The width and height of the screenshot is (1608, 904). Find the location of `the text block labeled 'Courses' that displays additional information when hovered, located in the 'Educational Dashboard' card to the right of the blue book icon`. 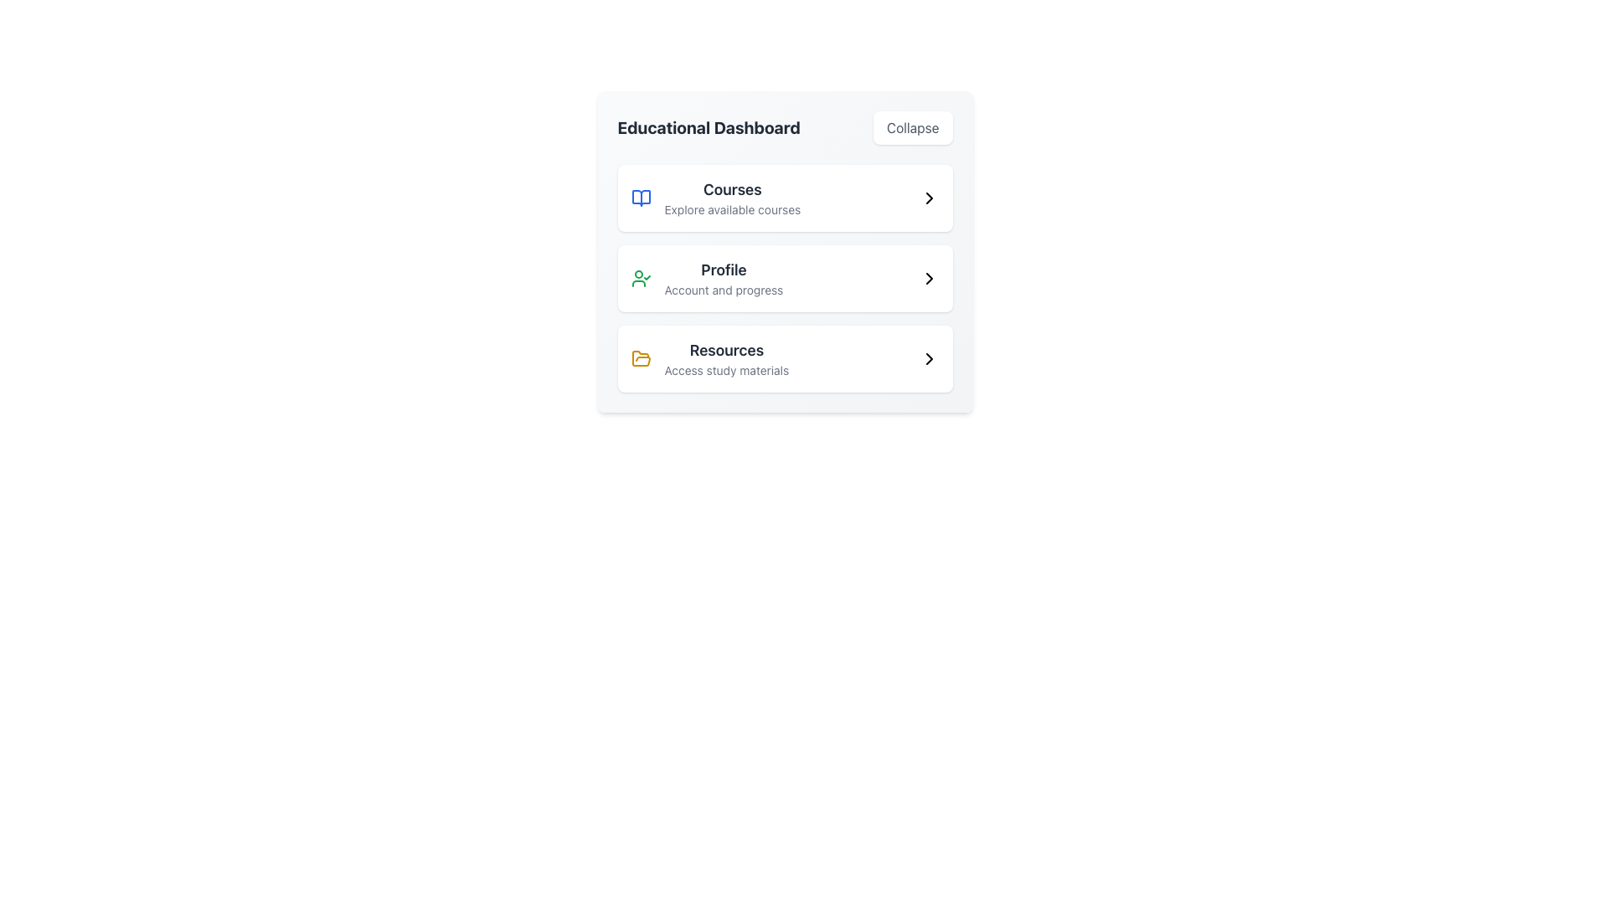

the text block labeled 'Courses' that displays additional information when hovered, located in the 'Educational Dashboard' card to the right of the blue book icon is located at coordinates (732, 197).